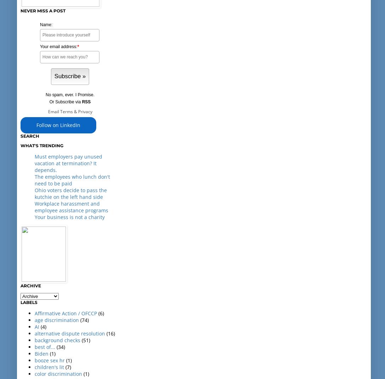 This screenshot has height=379, width=385. What do you see at coordinates (45, 346) in the screenshot?
I see `'best of...'` at bounding box center [45, 346].